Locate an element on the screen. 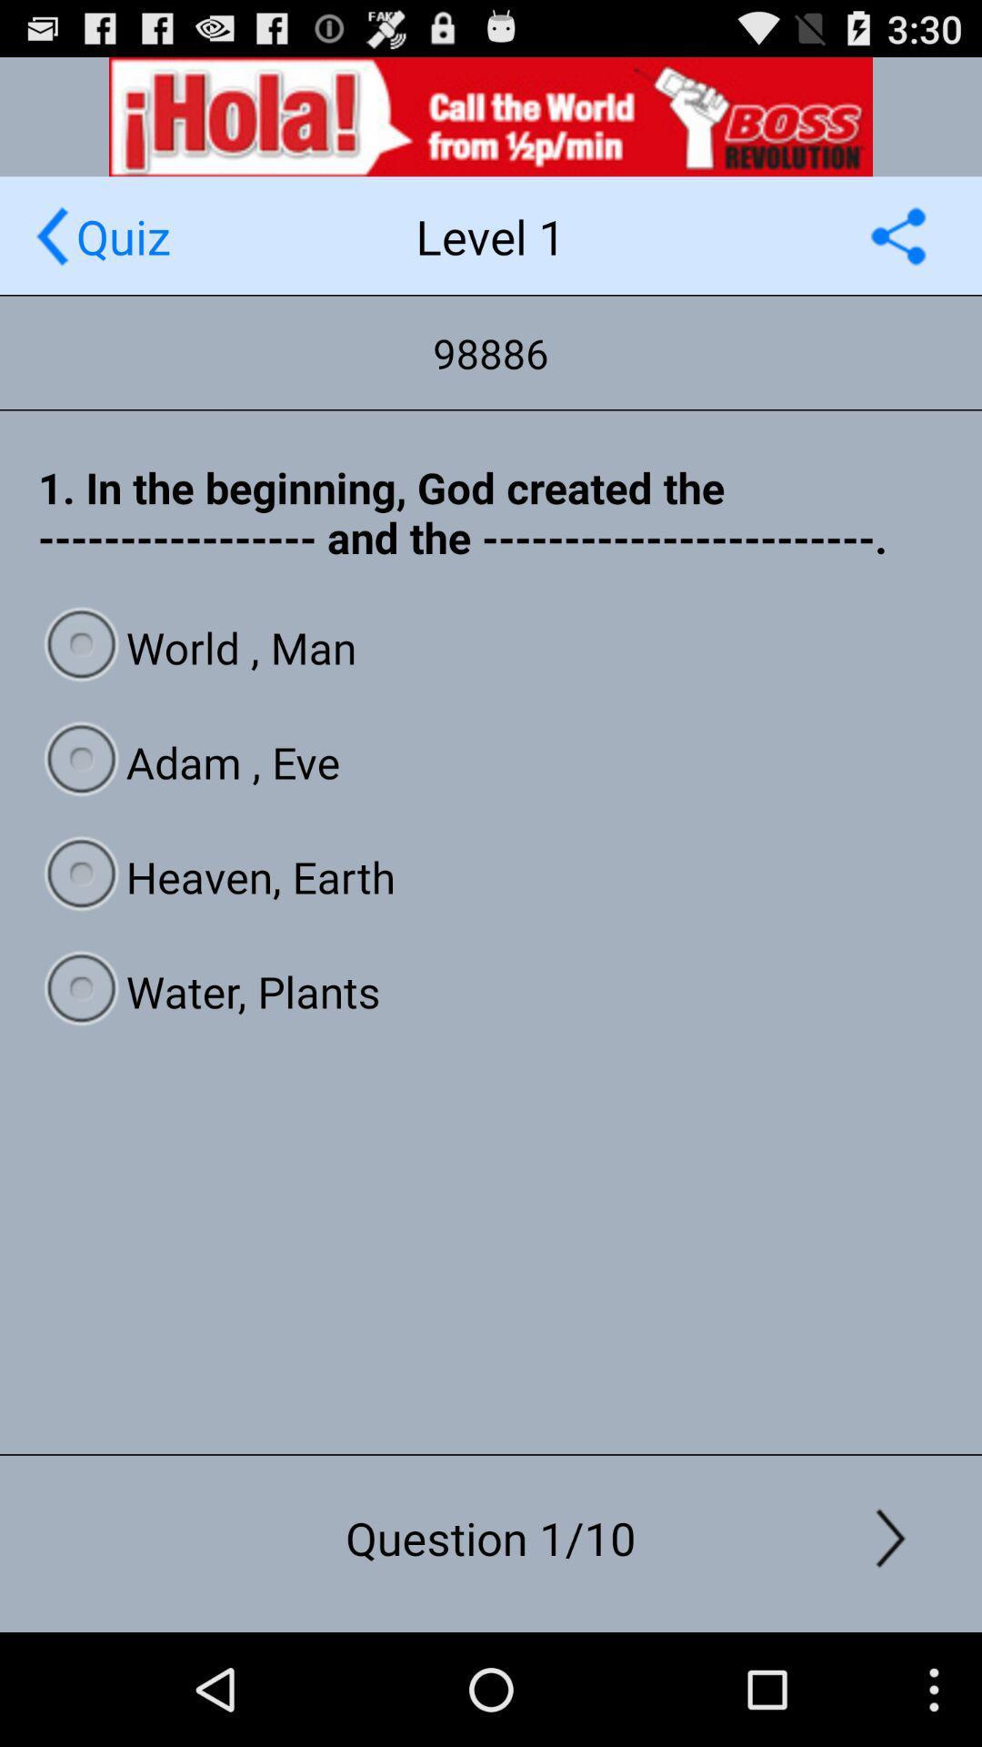  the arrow_backward icon is located at coordinates (51, 252).